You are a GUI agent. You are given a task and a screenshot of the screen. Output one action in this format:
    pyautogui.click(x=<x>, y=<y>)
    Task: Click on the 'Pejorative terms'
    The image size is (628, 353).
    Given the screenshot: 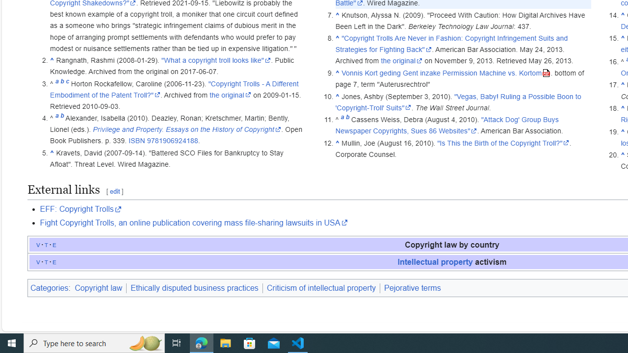 What is the action you would take?
    pyautogui.click(x=412, y=287)
    